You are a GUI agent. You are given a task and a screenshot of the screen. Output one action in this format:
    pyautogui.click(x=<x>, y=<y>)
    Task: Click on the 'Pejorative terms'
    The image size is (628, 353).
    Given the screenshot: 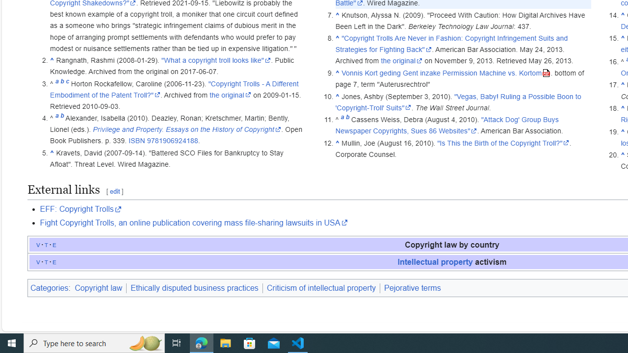 What is the action you would take?
    pyautogui.click(x=412, y=287)
    